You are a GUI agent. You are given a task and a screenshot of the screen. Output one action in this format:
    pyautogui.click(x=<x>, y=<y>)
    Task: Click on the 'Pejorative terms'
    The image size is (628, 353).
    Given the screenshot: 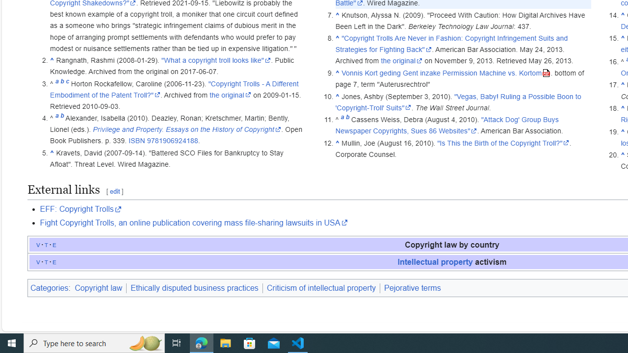 What is the action you would take?
    pyautogui.click(x=412, y=287)
    